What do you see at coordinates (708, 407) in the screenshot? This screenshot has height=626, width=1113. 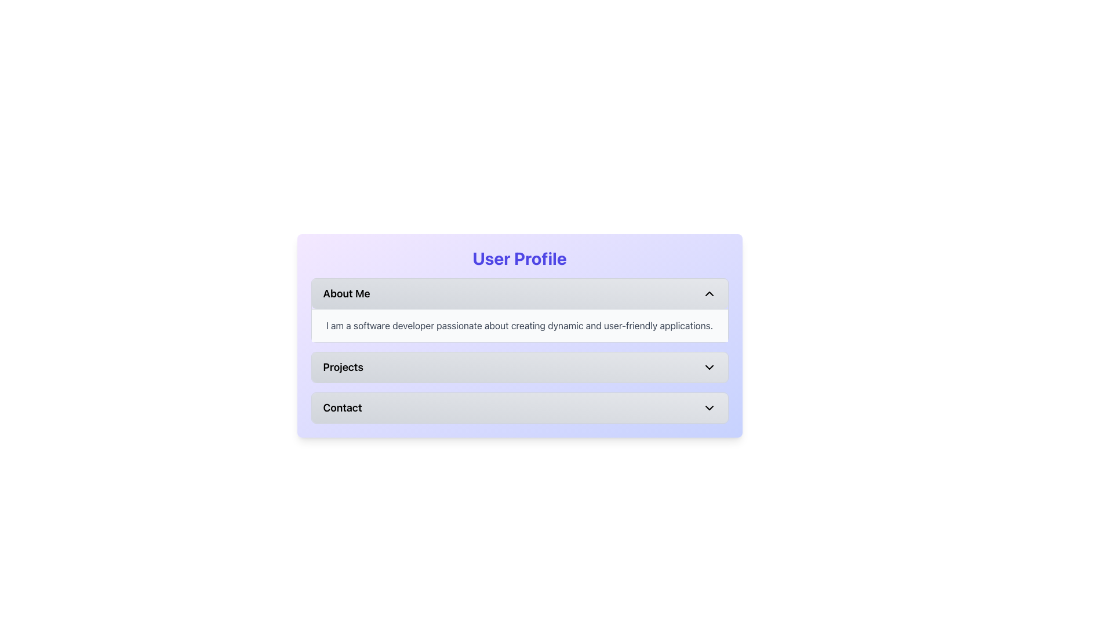 I see `the button icon located to the far right of the 'Contact' button` at bounding box center [708, 407].